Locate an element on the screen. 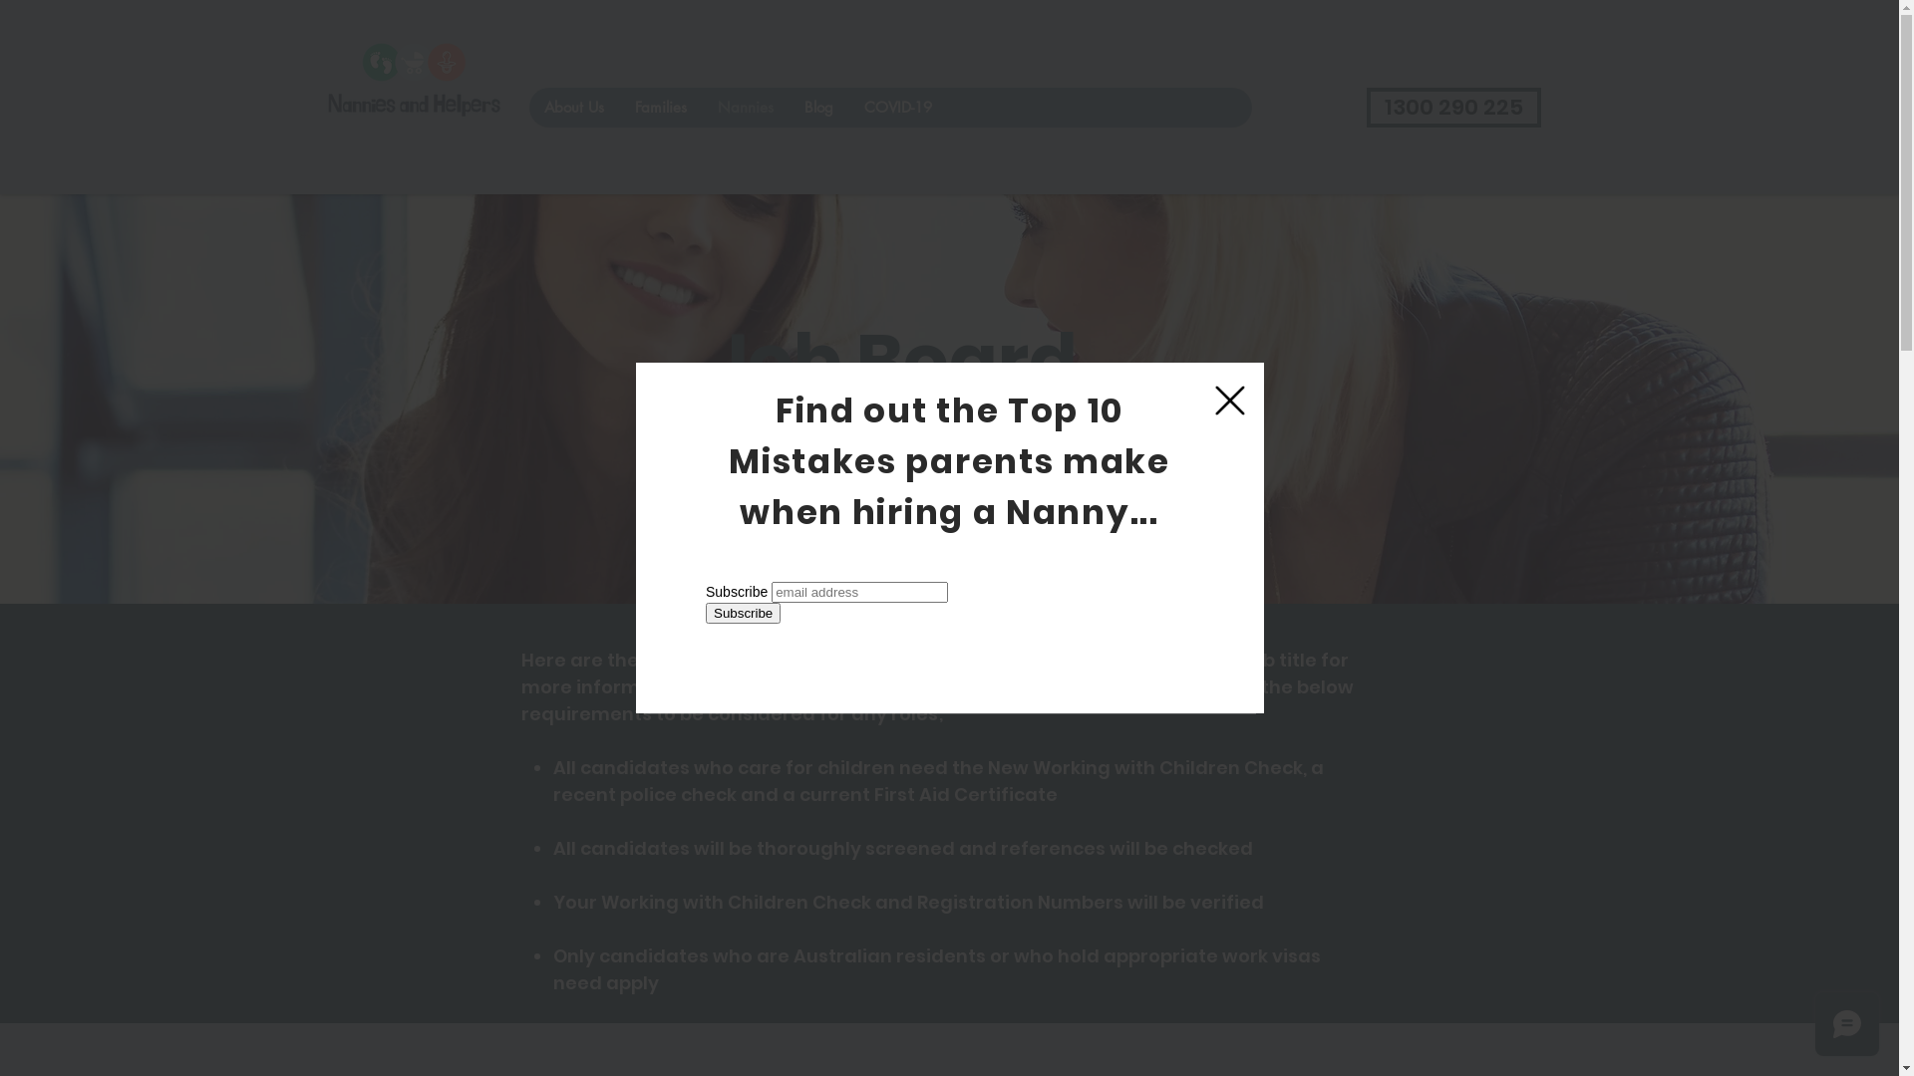 The width and height of the screenshot is (1914, 1076). '1300 290 225' is located at coordinates (1452, 108).